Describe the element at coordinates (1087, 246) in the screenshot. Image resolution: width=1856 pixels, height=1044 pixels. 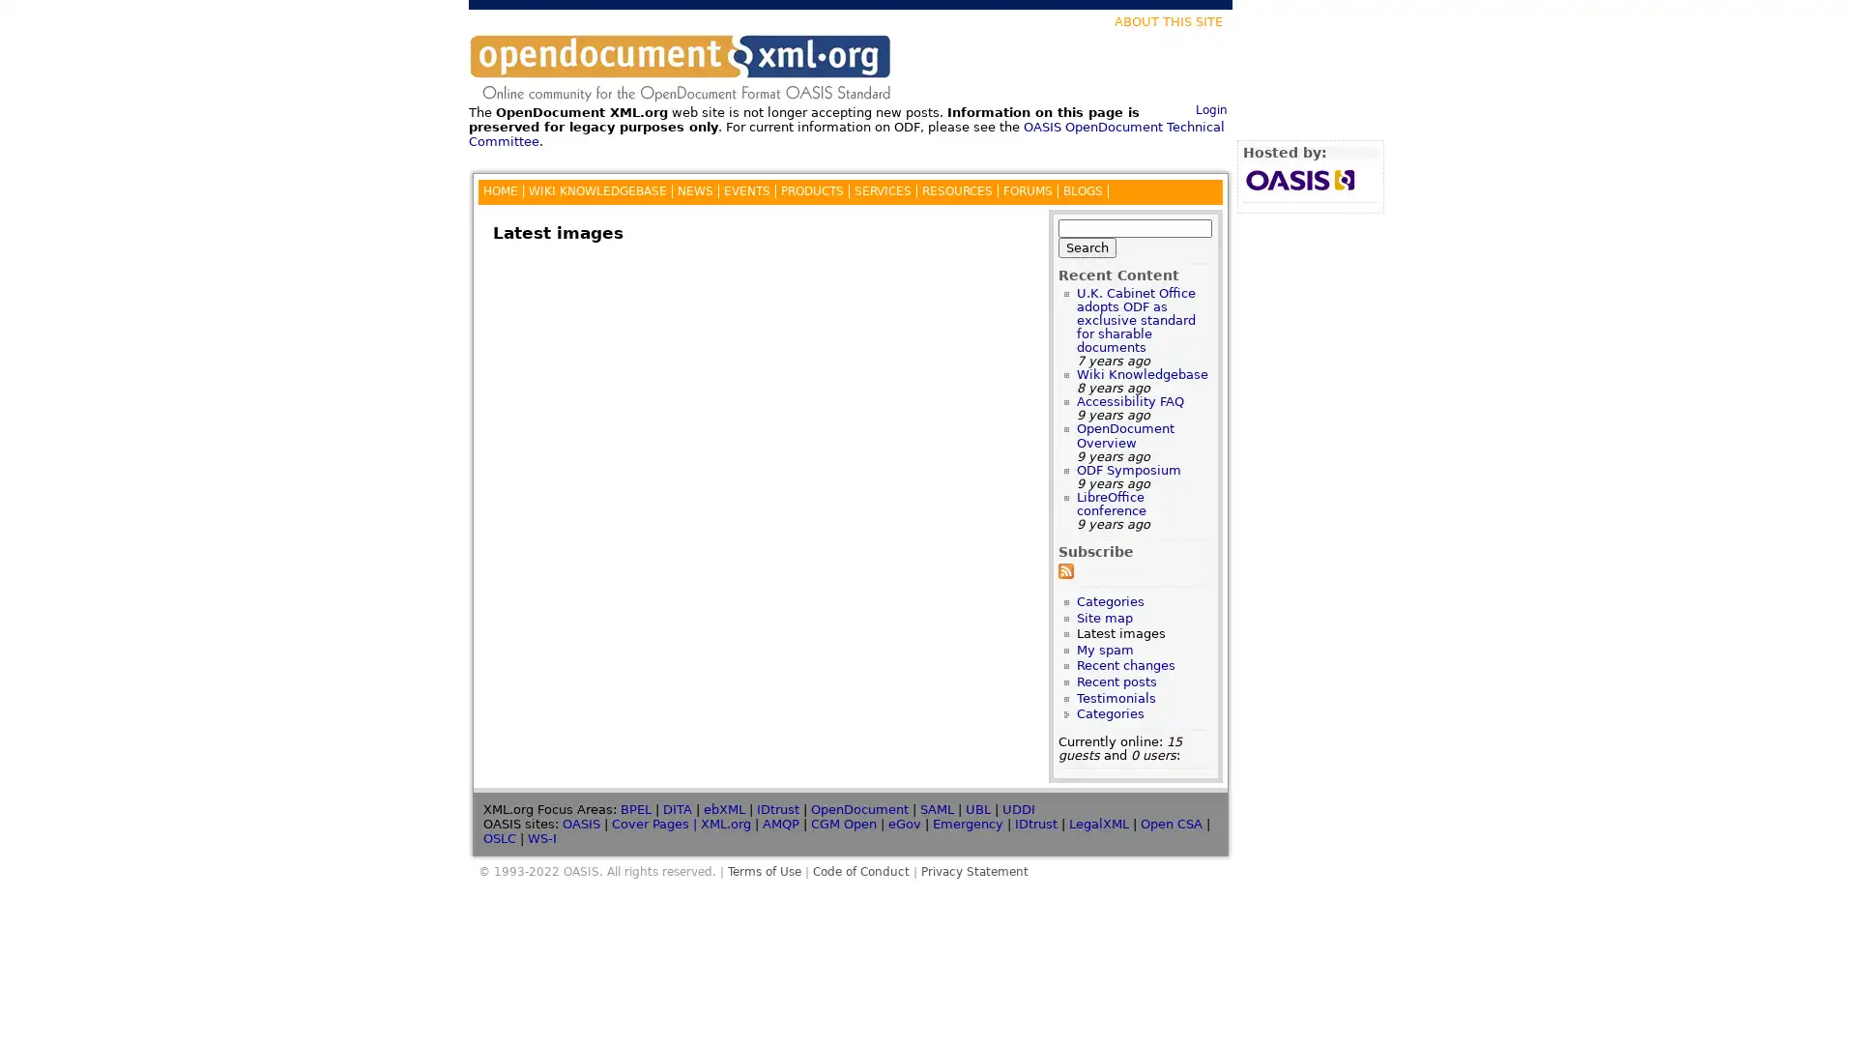
I see `Search` at that location.